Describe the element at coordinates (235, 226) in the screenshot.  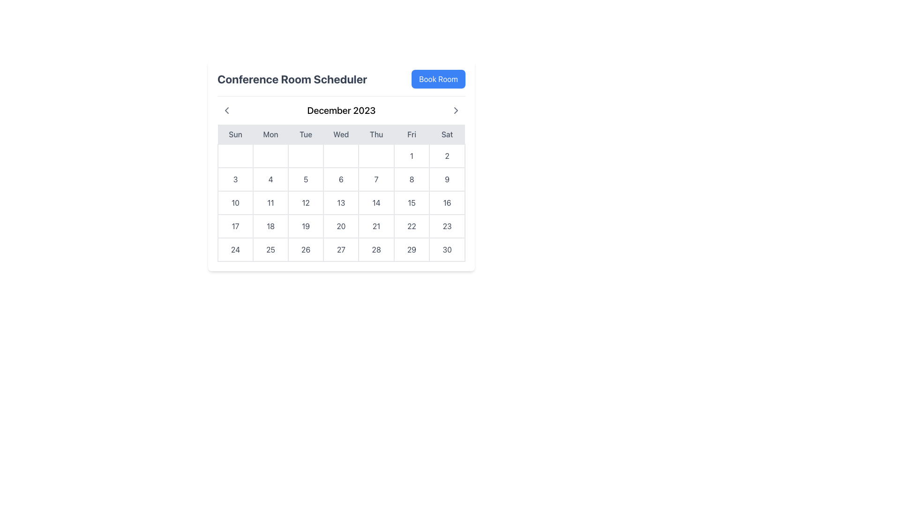
I see `the Calendar Date Cell element displaying the date '17'` at that location.